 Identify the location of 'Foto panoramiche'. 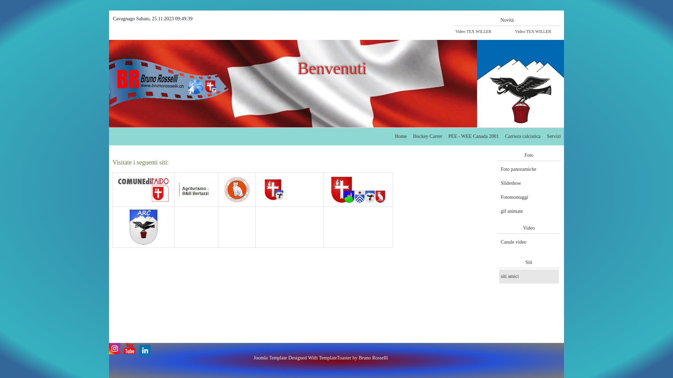
(529, 169).